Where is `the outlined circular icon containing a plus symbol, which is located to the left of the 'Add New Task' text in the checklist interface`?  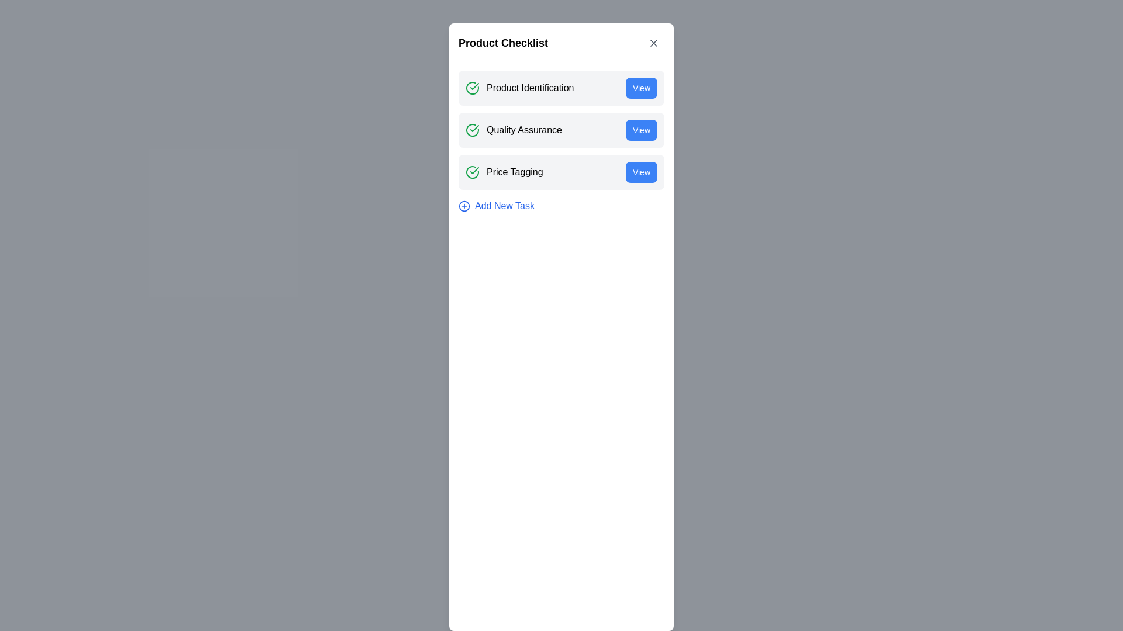 the outlined circular icon containing a plus symbol, which is located to the left of the 'Add New Task' text in the checklist interface is located at coordinates (463, 206).